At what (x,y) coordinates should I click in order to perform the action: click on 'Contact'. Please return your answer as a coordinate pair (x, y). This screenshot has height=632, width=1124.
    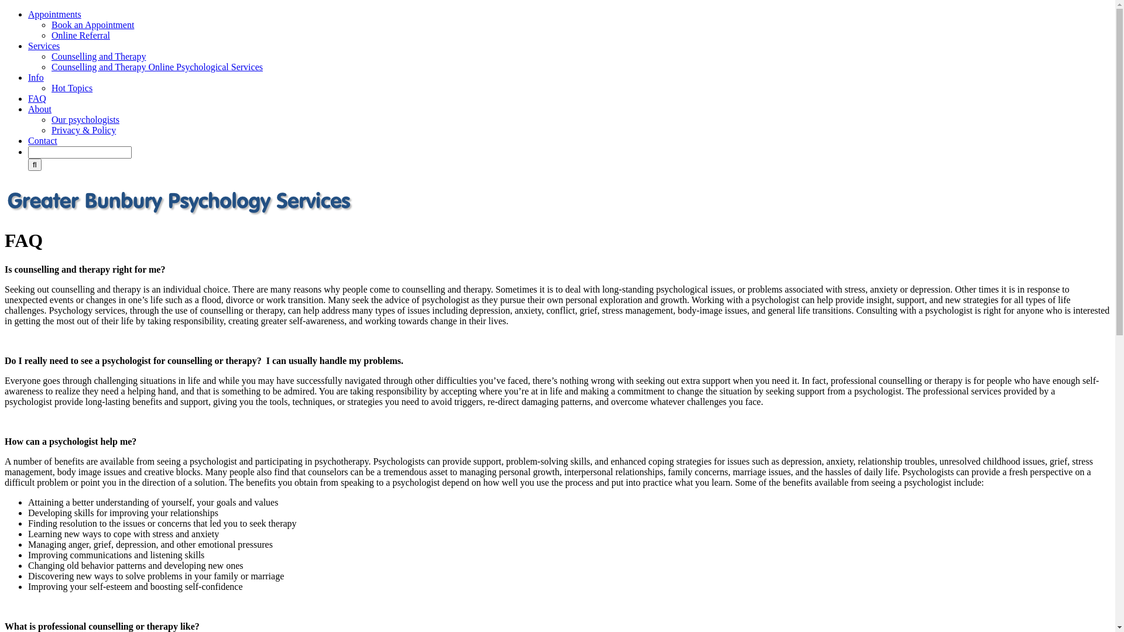
    Looking at the image, I should click on (42, 140).